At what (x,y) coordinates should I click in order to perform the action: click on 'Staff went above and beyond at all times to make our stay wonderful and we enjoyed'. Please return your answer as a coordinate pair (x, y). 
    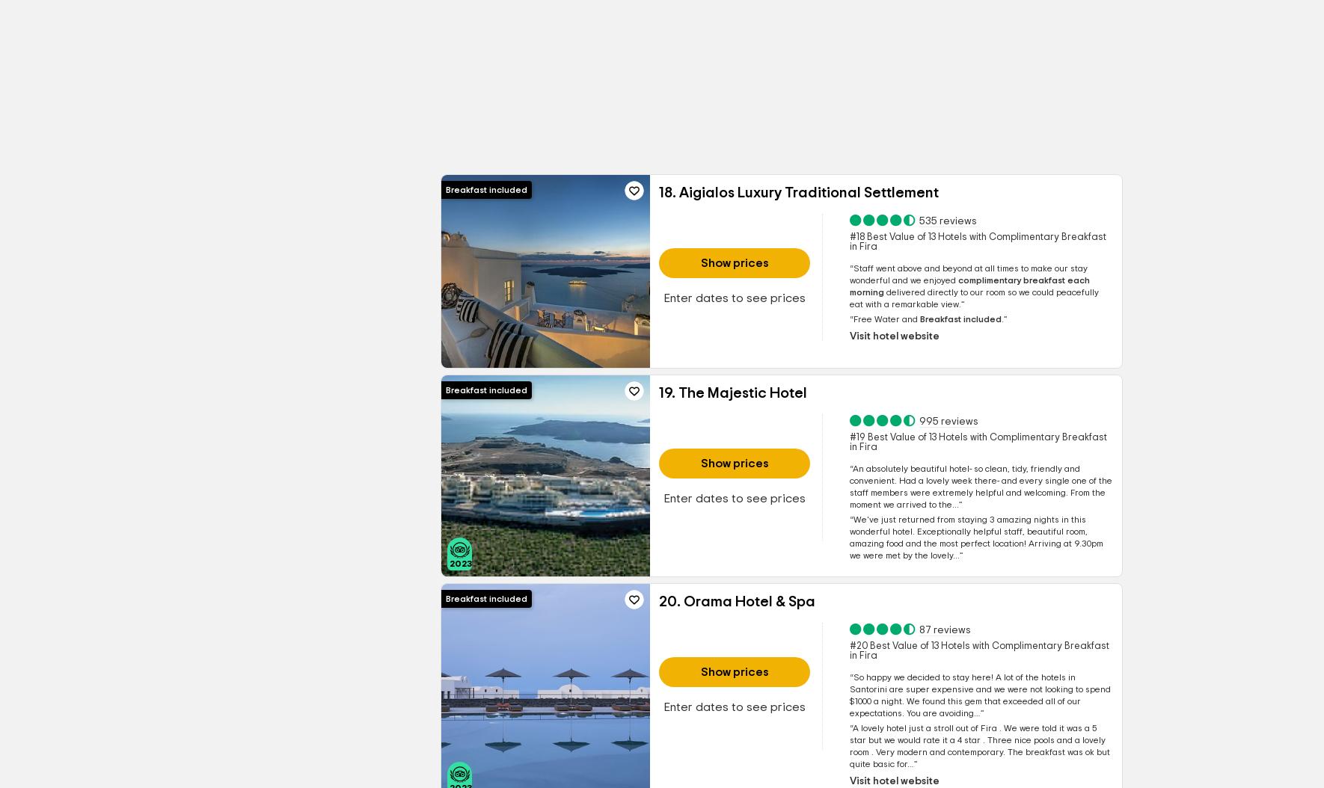
    Looking at the image, I should click on (967, 274).